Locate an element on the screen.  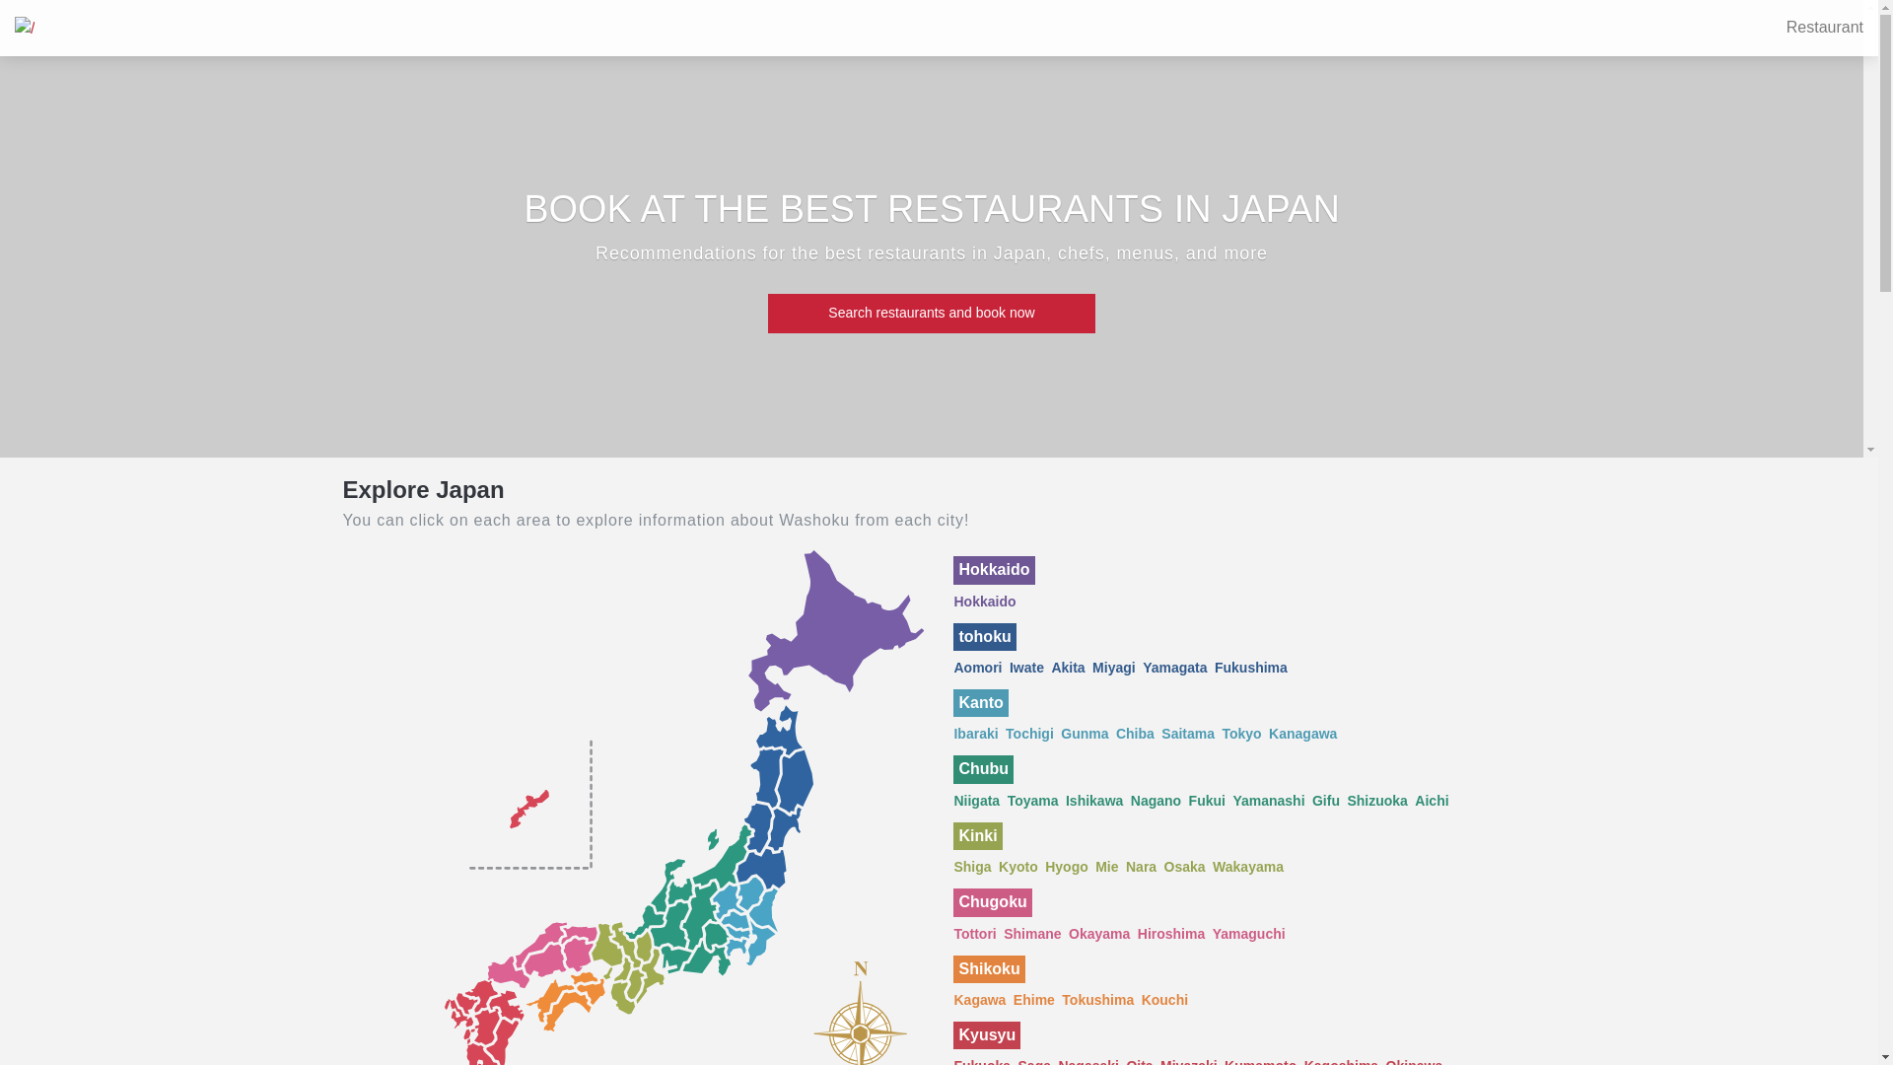
'Akita' is located at coordinates (1067, 667).